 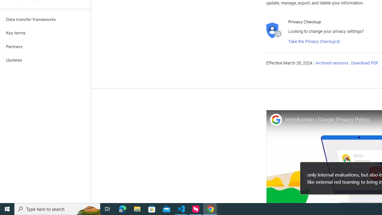 What do you see at coordinates (45, 46) in the screenshot?
I see `'Partners'` at bounding box center [45, 46].